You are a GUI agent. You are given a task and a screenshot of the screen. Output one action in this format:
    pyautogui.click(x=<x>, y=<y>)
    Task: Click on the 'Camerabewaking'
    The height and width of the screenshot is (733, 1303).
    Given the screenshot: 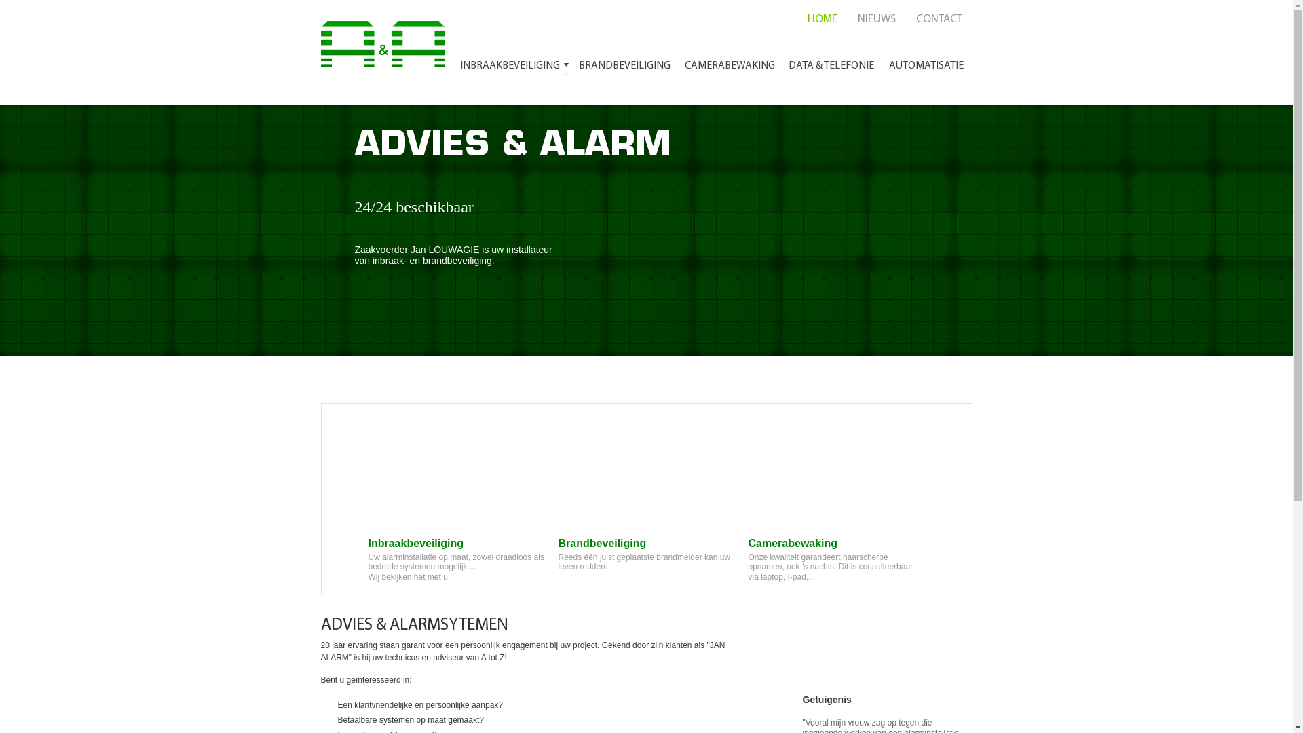 What is the action you would take?
    pyautogui.click(x=747, y=504)
    